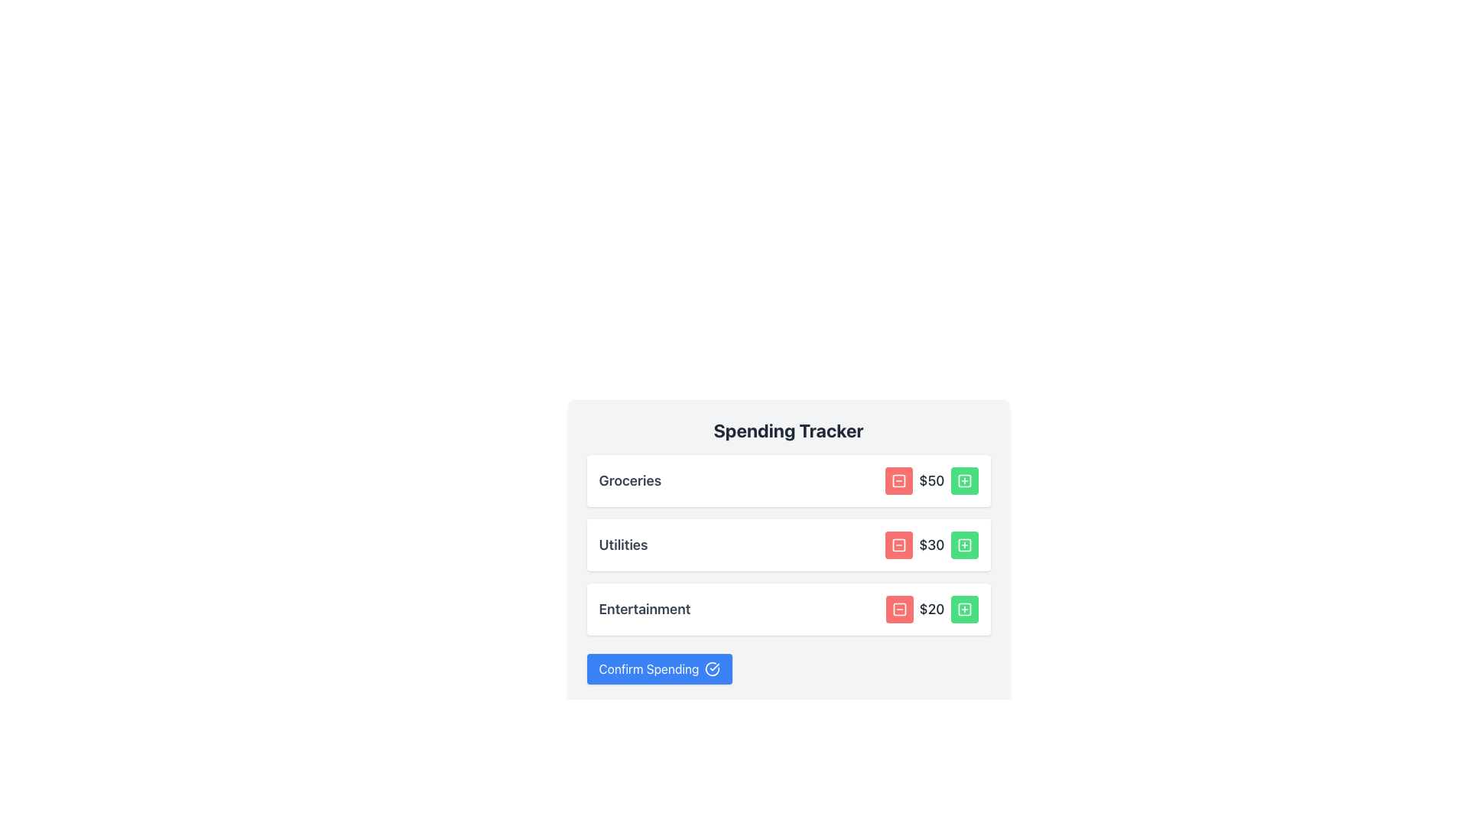 This screenshot has height=826, width=1468. What do you see at coordinates (899, 545) in the screenshot?
I see `the decrement button located to the left of the '$30' text within the 'Utilities' category` at bounding box center [899, 545].